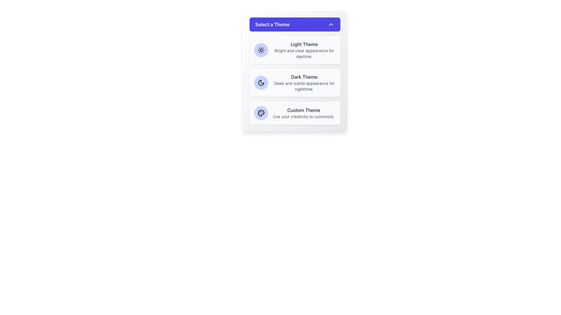 This screenshot has height=315, width=561. What do you see at coordinates (304, 110) in the screenshot?
I see `the 'Custom Theme' text label, which is displayed in medium font weight and dark gray color, located at the bottommost theme option in the theme selection interface` at bounding box center [304, 110].